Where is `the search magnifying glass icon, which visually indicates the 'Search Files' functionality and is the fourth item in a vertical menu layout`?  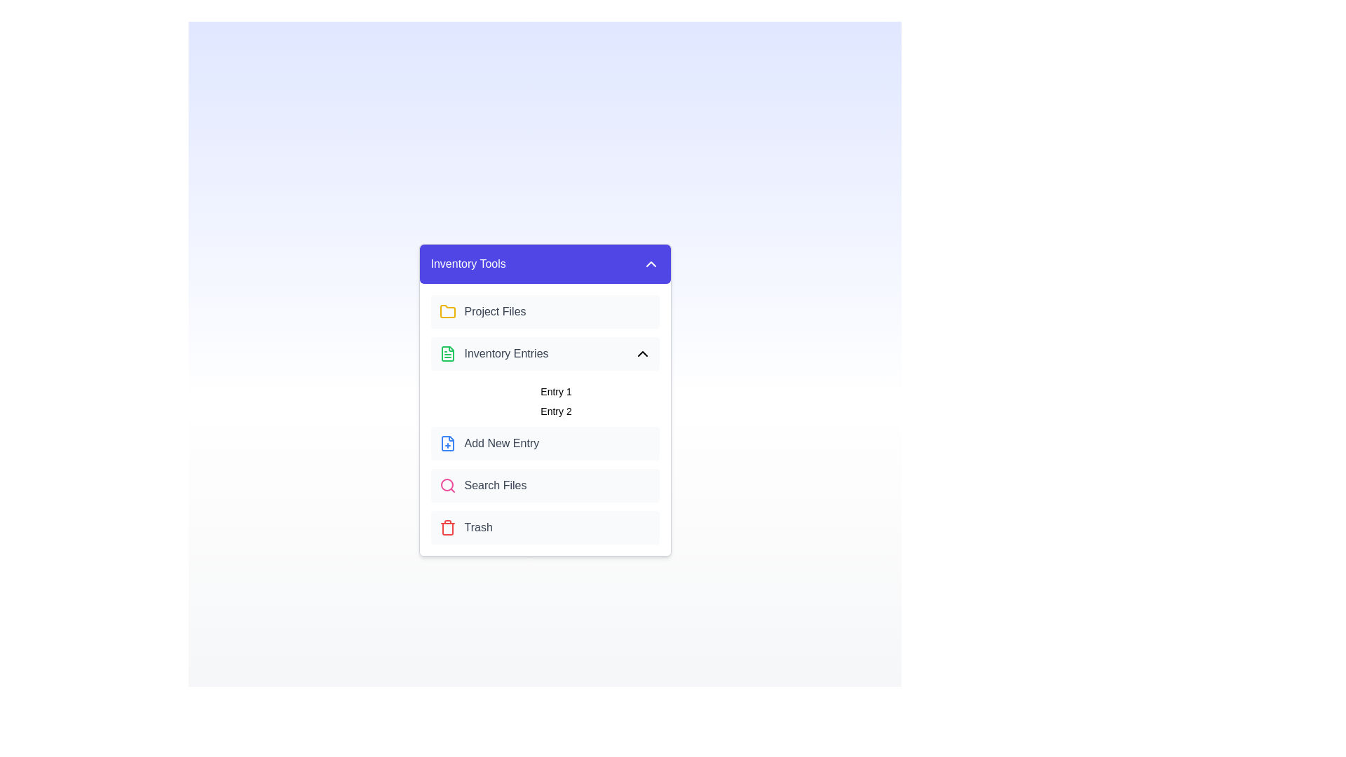
the search magnifying glass icon, which visually indicates the 'Search Files' functionality and is the fourth item in a vertical menu layout is located at coordinates (447, 485).